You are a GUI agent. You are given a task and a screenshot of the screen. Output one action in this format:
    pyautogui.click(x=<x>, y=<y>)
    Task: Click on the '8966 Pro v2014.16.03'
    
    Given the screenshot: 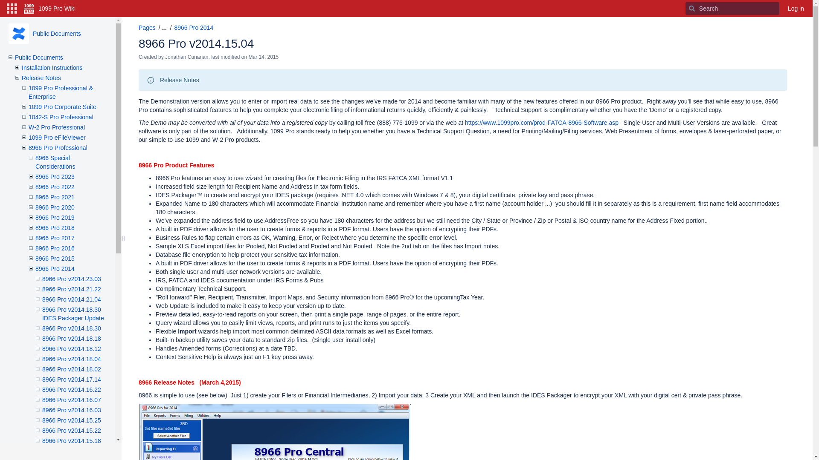 What is the action you would take?
    pyautogui.click(x=72, y=410)
    